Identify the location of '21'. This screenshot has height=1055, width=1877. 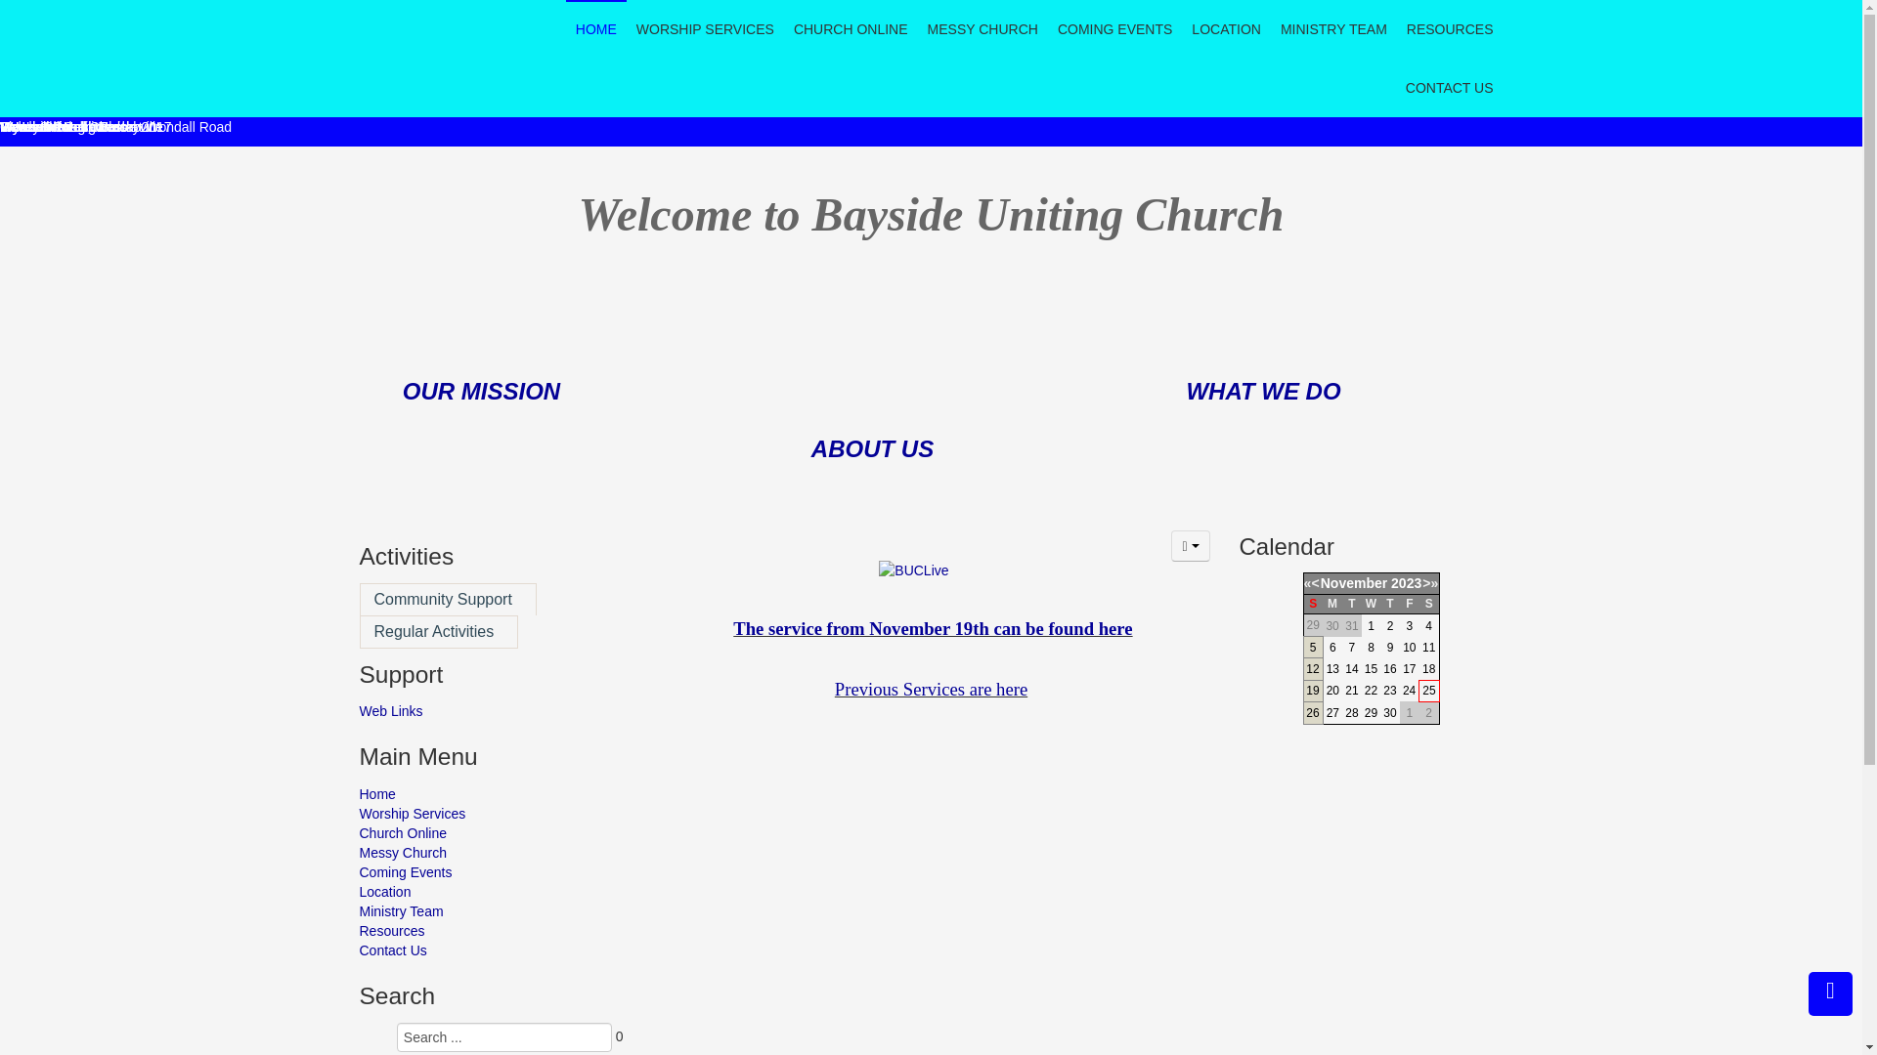
(1350, 689).